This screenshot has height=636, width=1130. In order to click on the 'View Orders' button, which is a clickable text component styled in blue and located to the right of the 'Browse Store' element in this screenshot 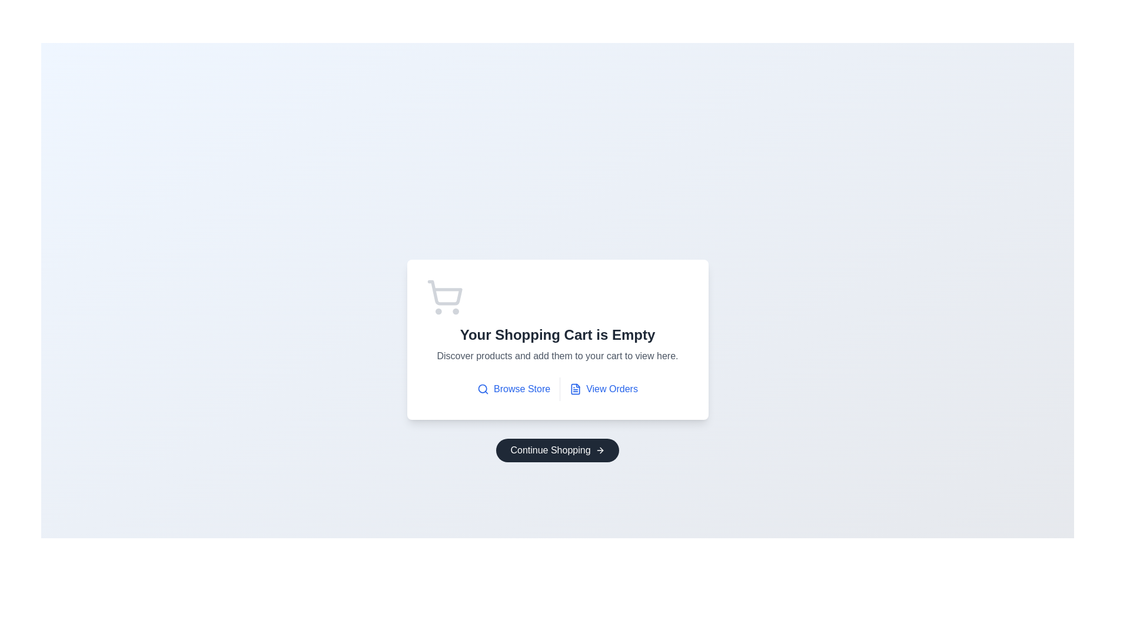, I will do `click(603, 389)`.